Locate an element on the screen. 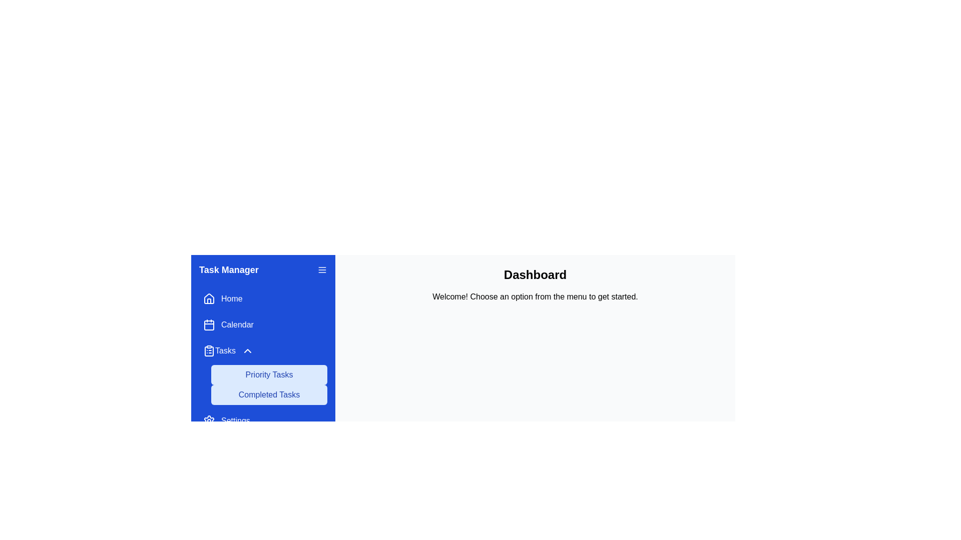 The height and width of the screenshot is (540, 961). the 'Tasks' icon located in the sidebar, which is the second icon in the list after 'Home' and 'Calendar', to navigate to task-related features is located at coordinates (208, 350).